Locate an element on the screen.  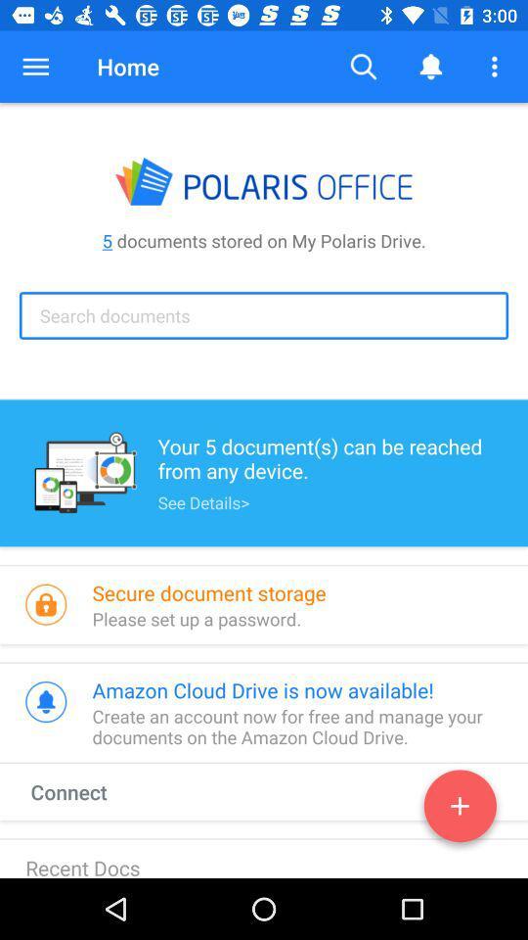
icon next to home item is located at coordinates (35, 67).